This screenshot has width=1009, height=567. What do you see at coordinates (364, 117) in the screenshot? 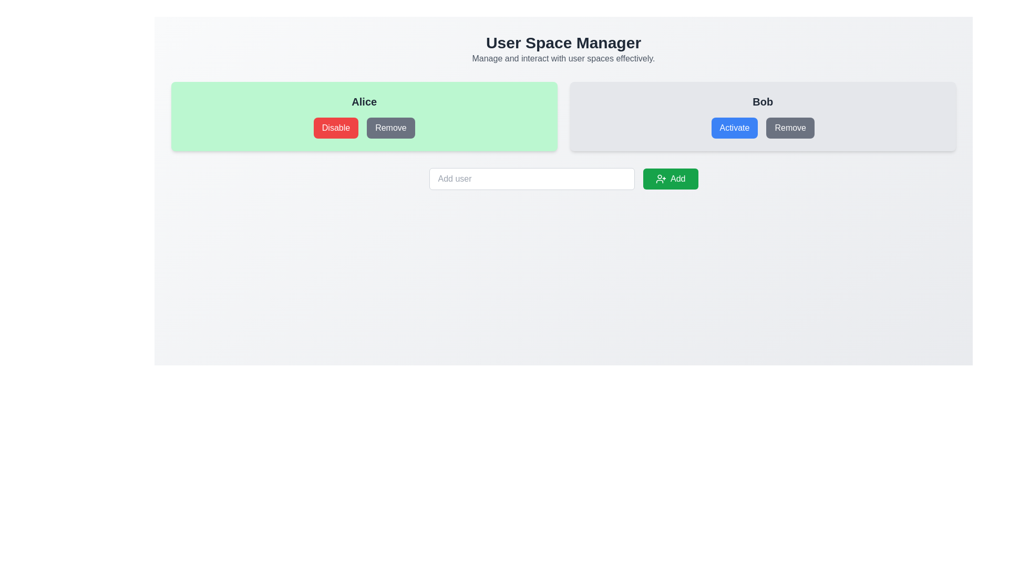
I see `the 'Remove' button on the user card representing 'Alice' located in the first column under the 'User Space Manager' header` at bounding box center [364, 117].